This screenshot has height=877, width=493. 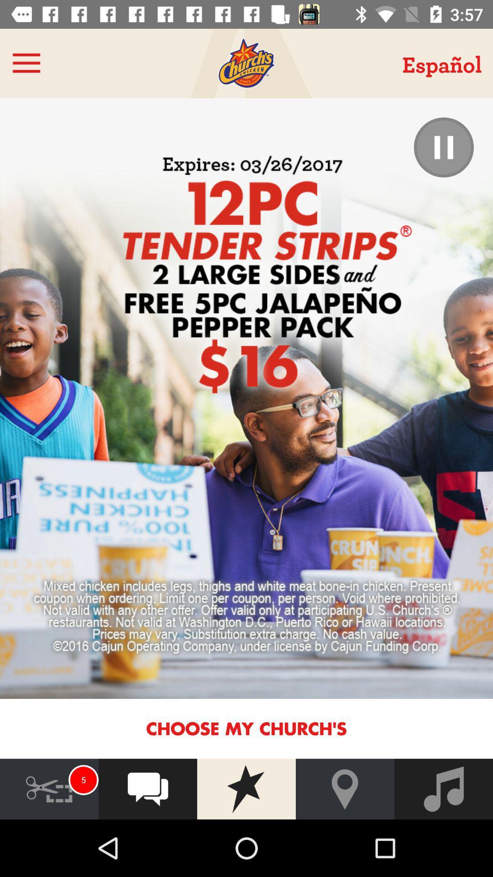 I want to click on the chat icon, so click(x=147, y=788).